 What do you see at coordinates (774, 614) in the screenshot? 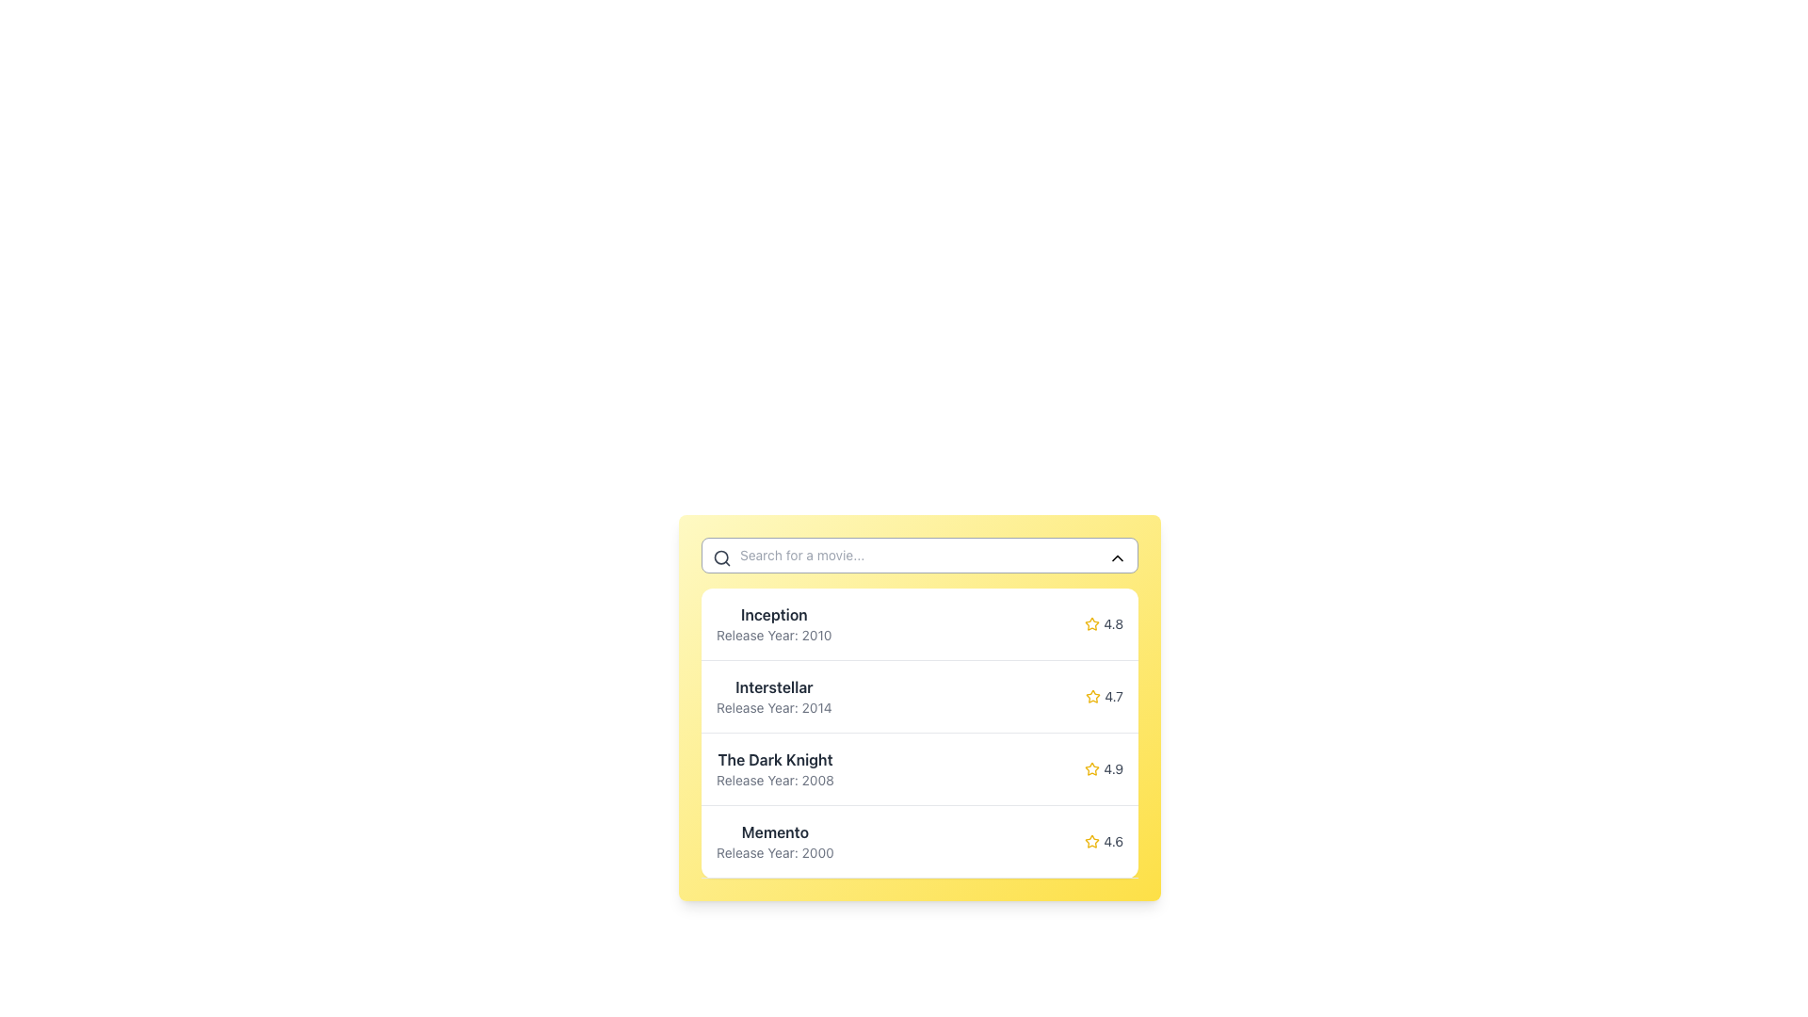
I see `the bolded text label 'Inception' located at the top of the first card in the movie list` at bounding box center [774, 614].